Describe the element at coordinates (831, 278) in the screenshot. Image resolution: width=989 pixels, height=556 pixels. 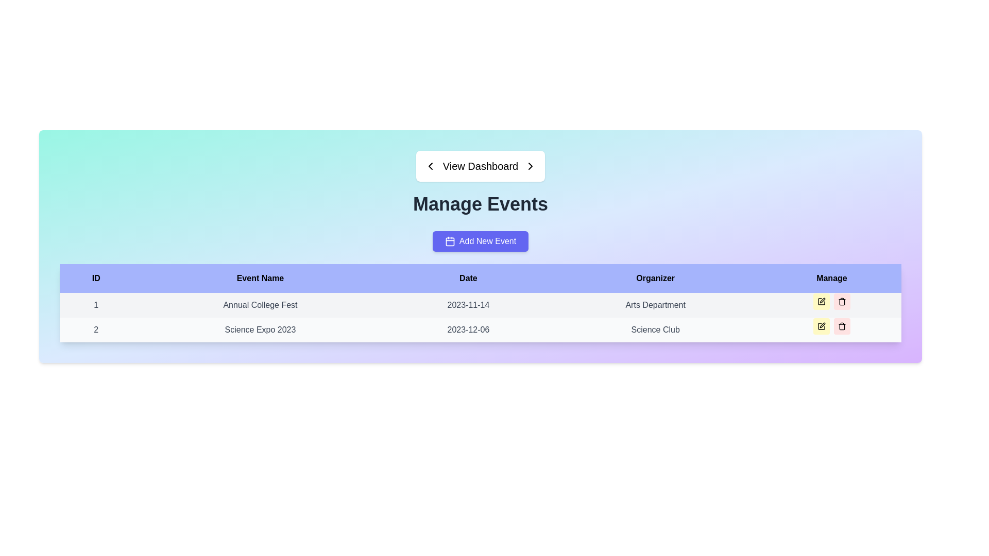
I see `the last column header in the table to sort the column, which is located immediately to the right of the 'Organizer' column header` at that location.